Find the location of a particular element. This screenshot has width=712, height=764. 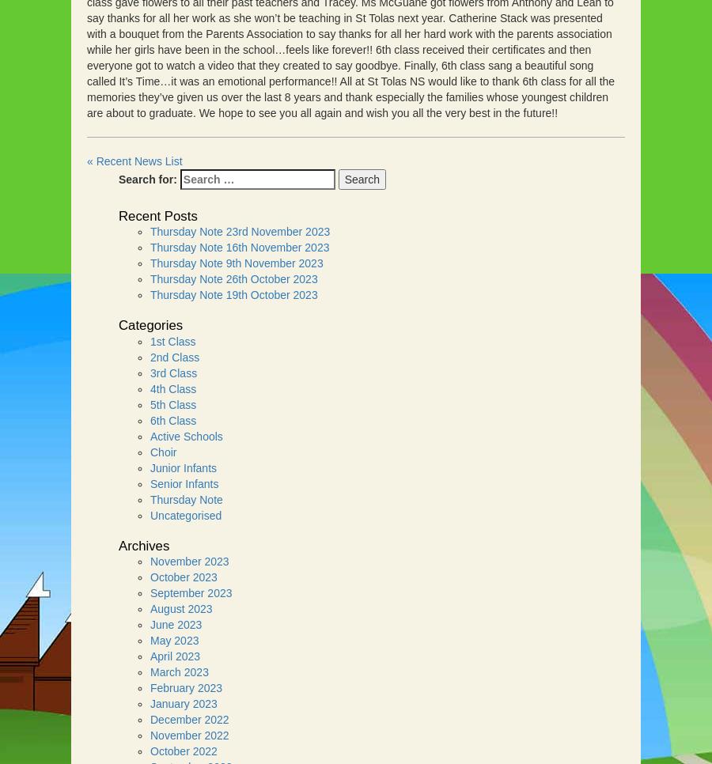

'1st Class' is located at coordinates (172, 340).